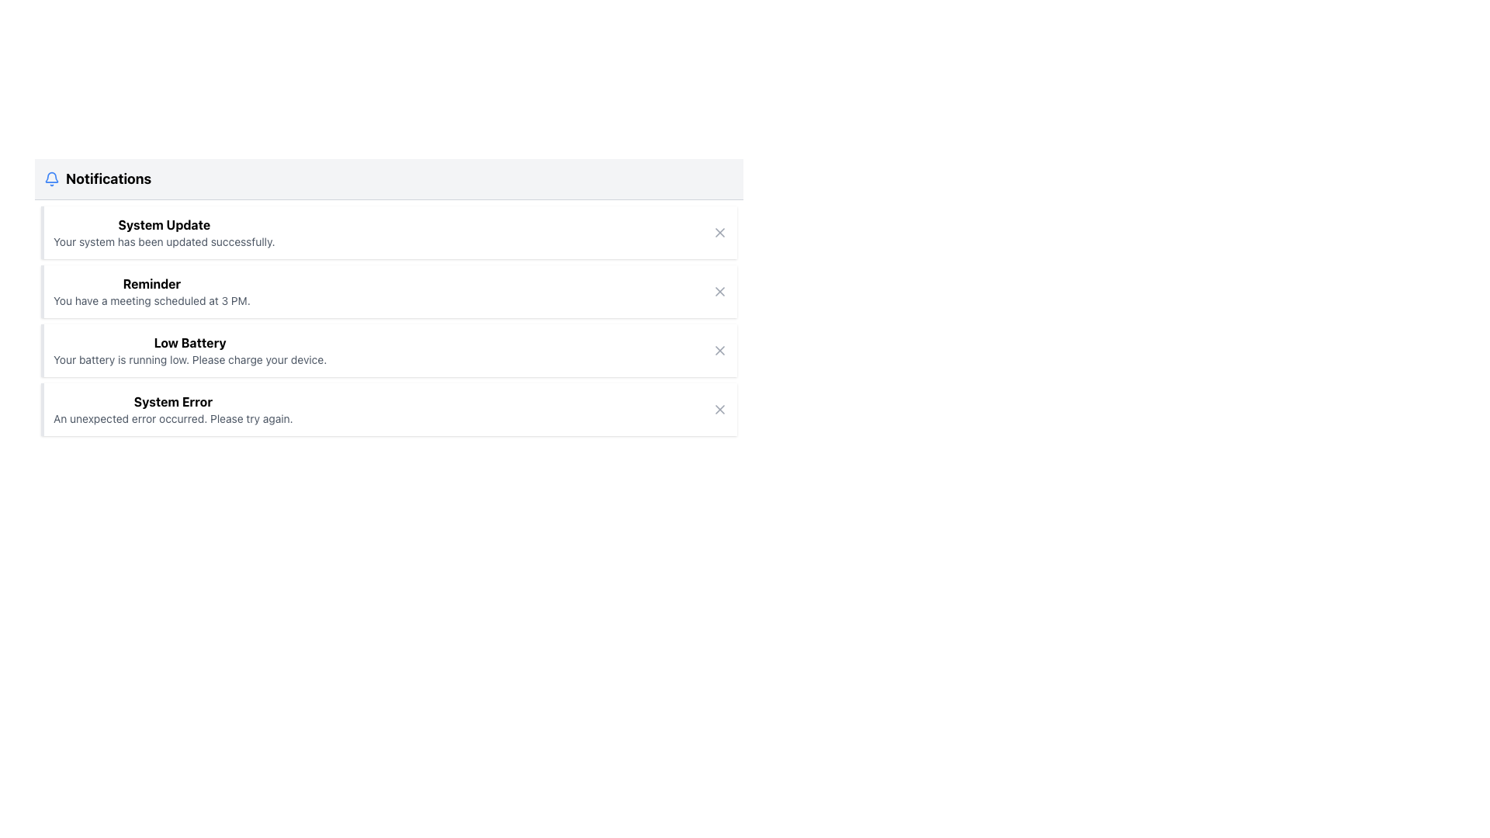 Image resolution: width=1490 pixels, height=838 pixels. Describe the element at coordinates (164, 224) in the screenshot. I see `text content of the title label for the first notification, which categorizes and summarizes the content of the notification panel, located above the text 'Your system has been updated successfully.'` at that location.